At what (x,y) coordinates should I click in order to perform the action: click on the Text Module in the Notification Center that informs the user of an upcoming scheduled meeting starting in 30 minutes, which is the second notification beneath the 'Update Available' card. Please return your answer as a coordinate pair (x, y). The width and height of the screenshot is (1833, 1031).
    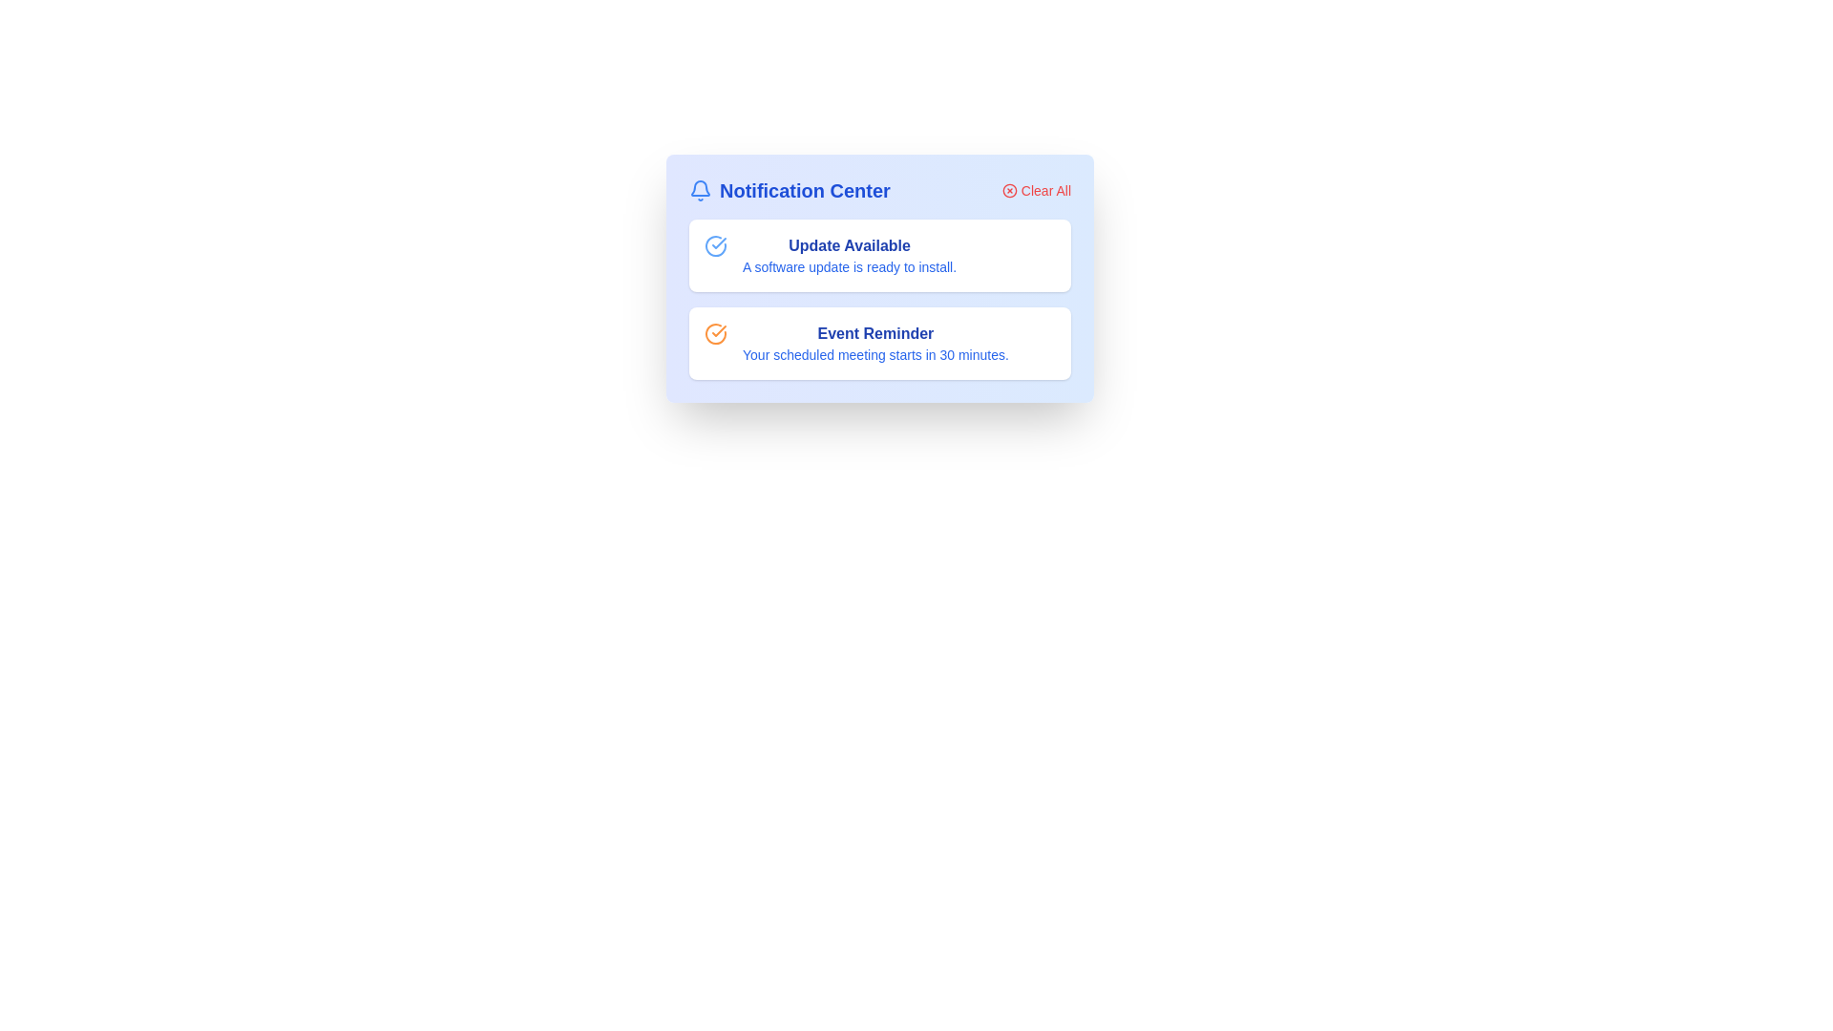
    Looking at the image, I should click on (874, 342).